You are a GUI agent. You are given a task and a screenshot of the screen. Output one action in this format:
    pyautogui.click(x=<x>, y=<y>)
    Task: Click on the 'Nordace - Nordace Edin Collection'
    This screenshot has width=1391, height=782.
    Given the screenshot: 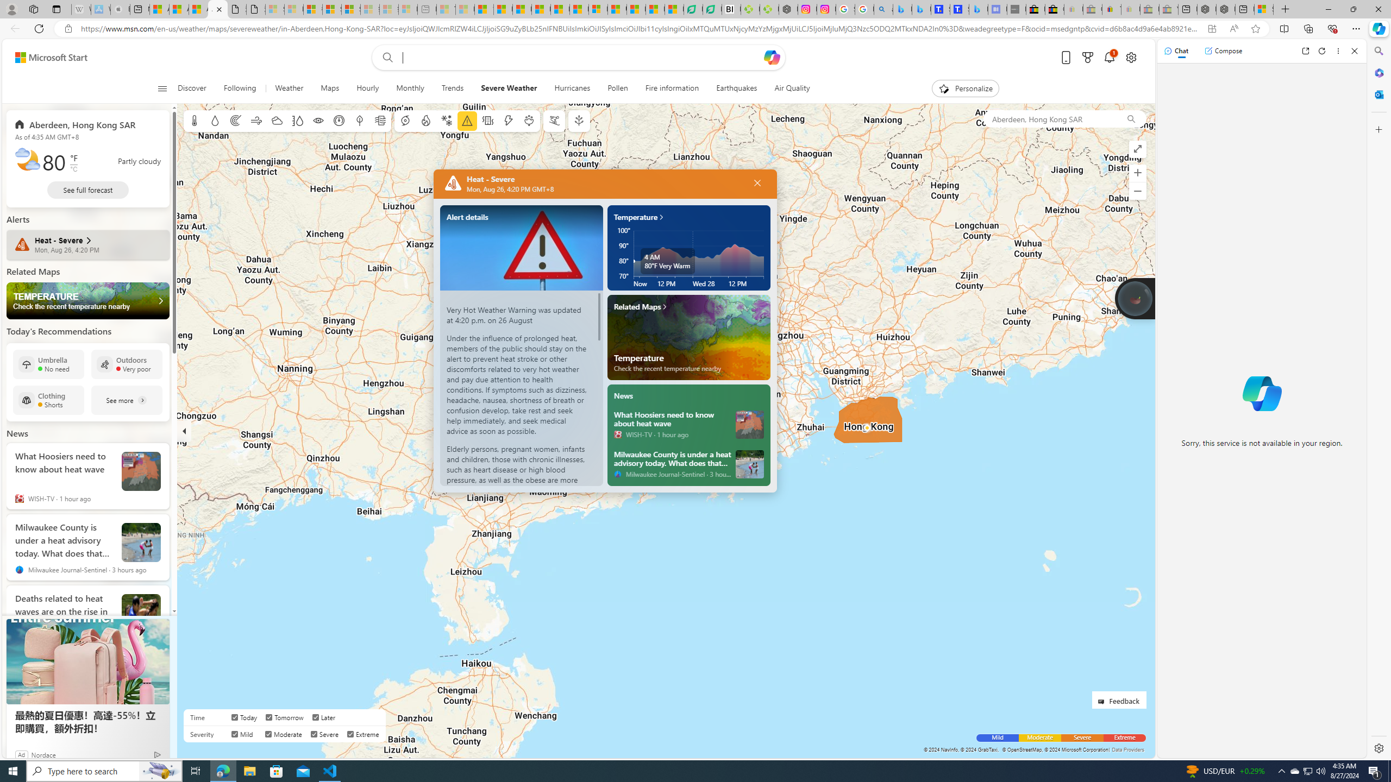 What is the action you would take?
    pyautogui.click(x=788, y=9)
    